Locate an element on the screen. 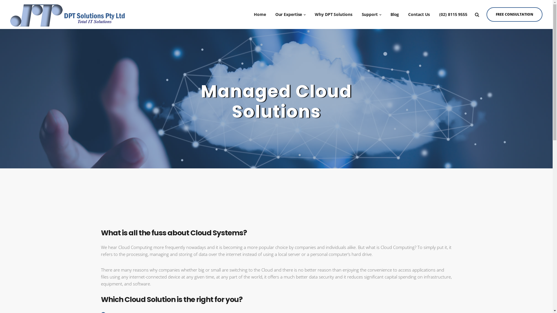 This screenshot has height=313, width=557. 'Privacy Policy' is located at coordinates (401, 302).